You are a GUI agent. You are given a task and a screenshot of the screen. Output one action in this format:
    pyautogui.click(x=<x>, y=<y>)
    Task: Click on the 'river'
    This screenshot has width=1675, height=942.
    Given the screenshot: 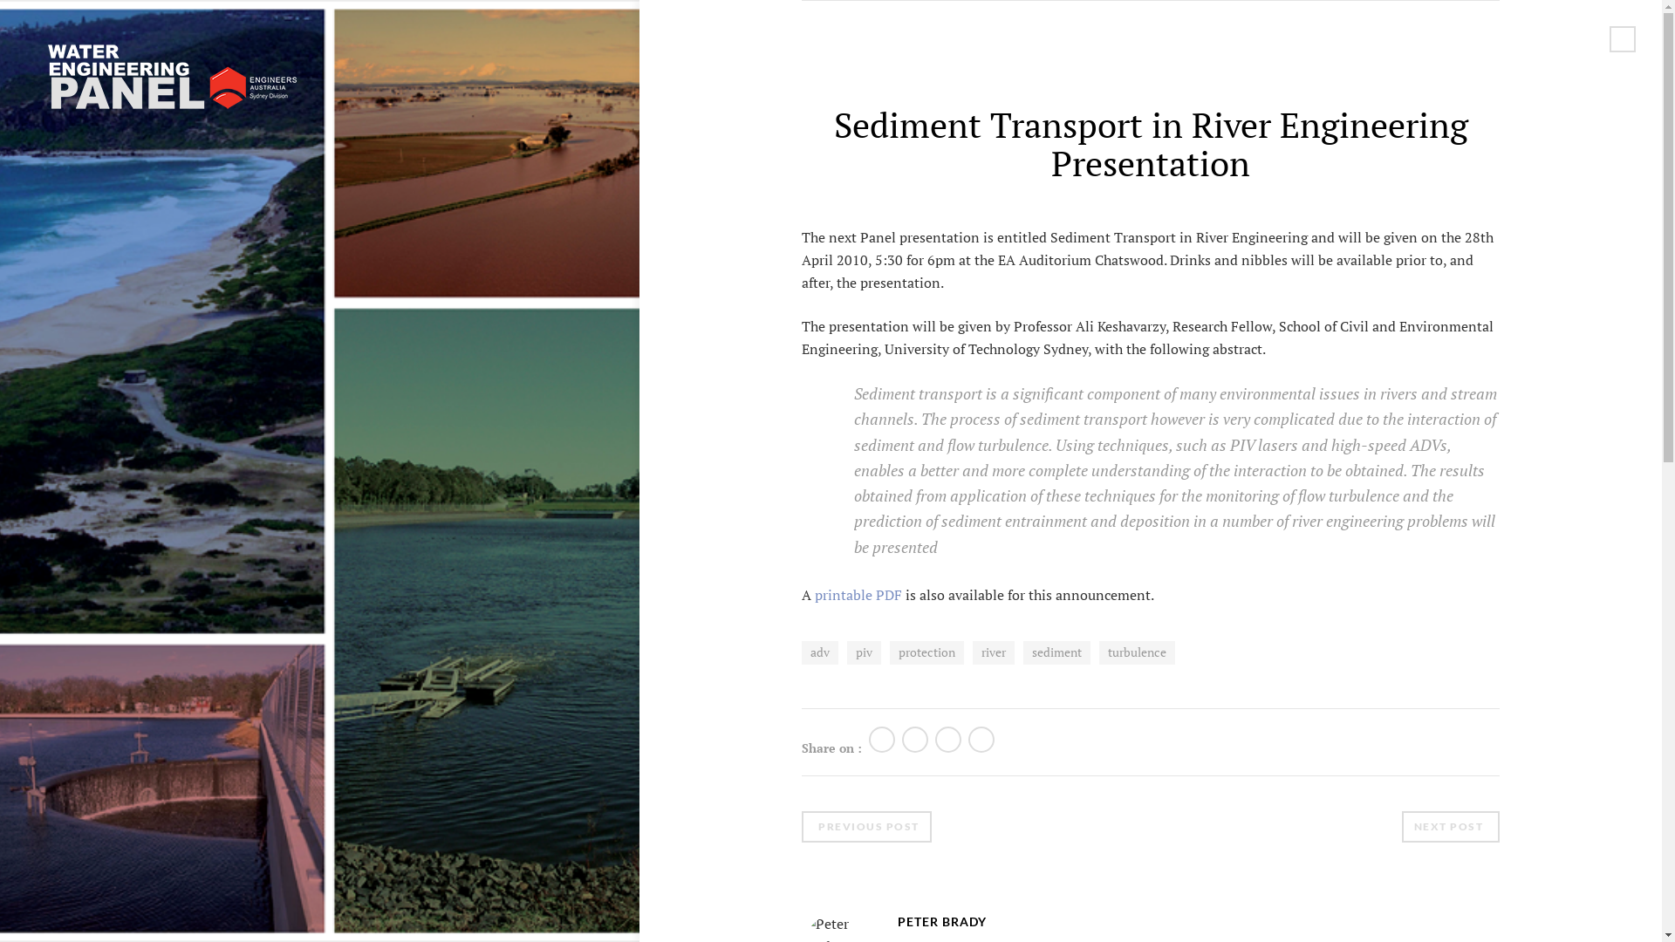 What is the action you would take?
    pyautogui.click(x=971, y=652)
    